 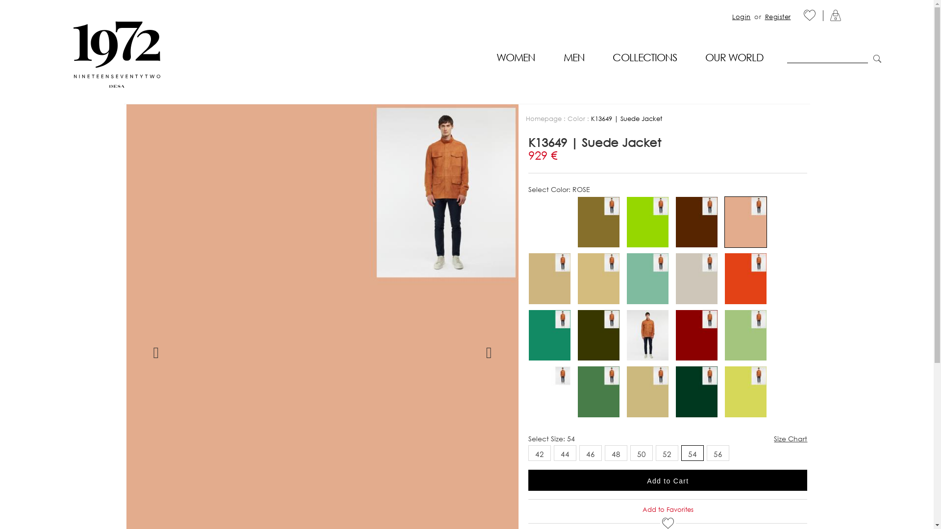 I want to click on '56', so click(x=718, y=453).